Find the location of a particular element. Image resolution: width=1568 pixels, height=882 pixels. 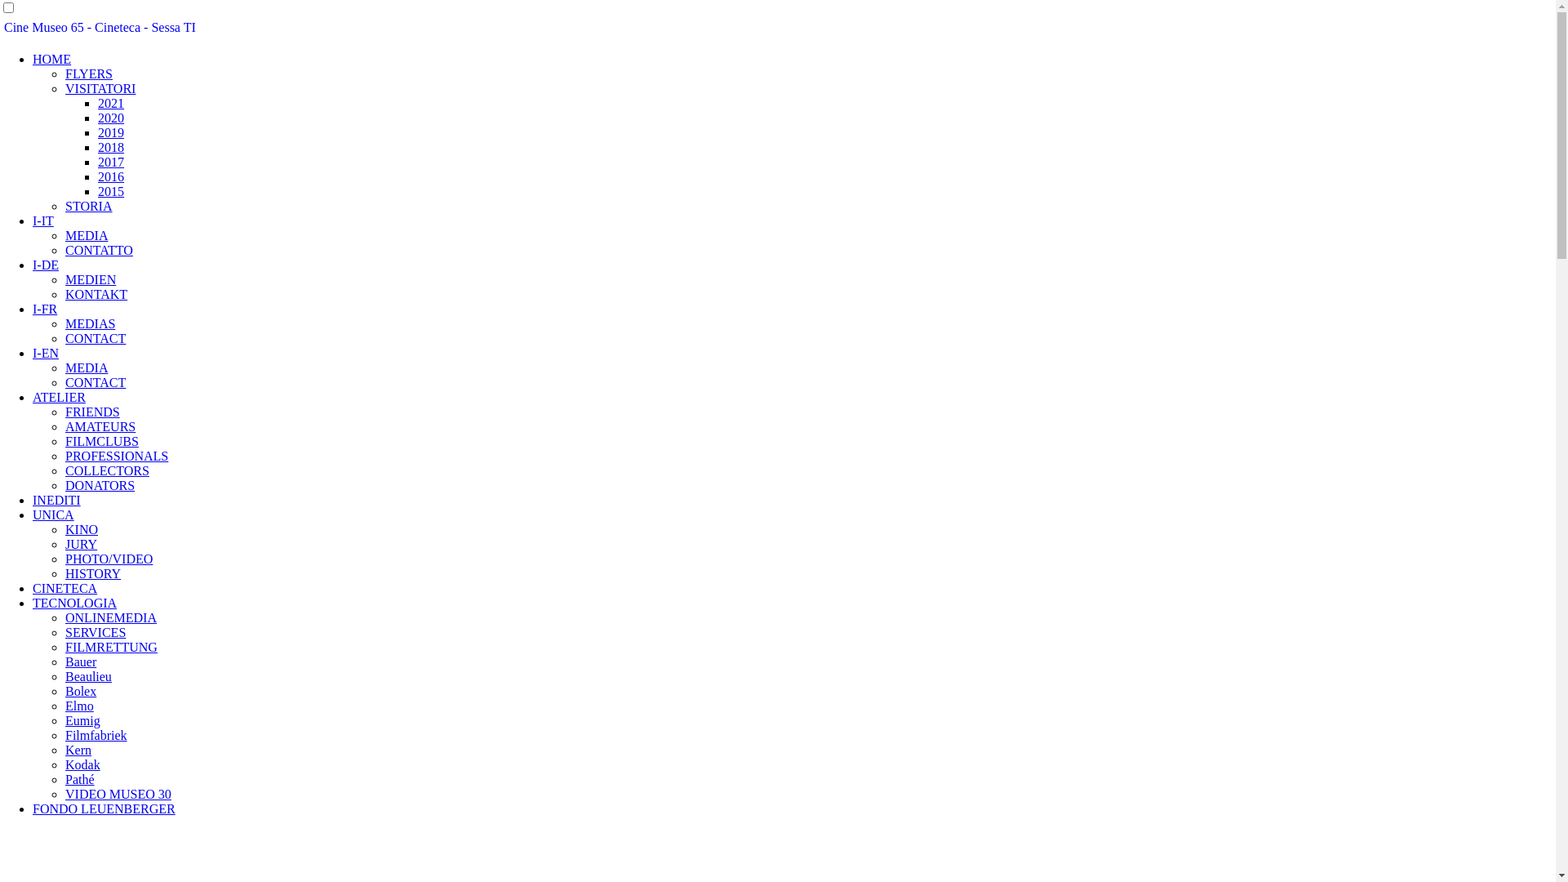

'ONLINEMEDIA' is located at coordinates (65, 617).